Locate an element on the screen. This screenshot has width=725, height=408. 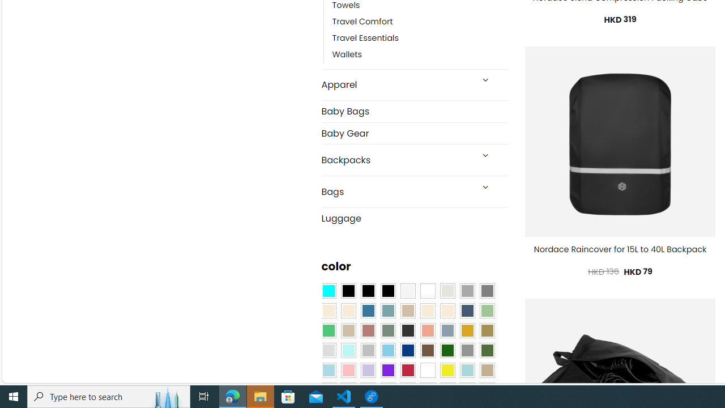
'Brown' is located at coordinates (427, 350).